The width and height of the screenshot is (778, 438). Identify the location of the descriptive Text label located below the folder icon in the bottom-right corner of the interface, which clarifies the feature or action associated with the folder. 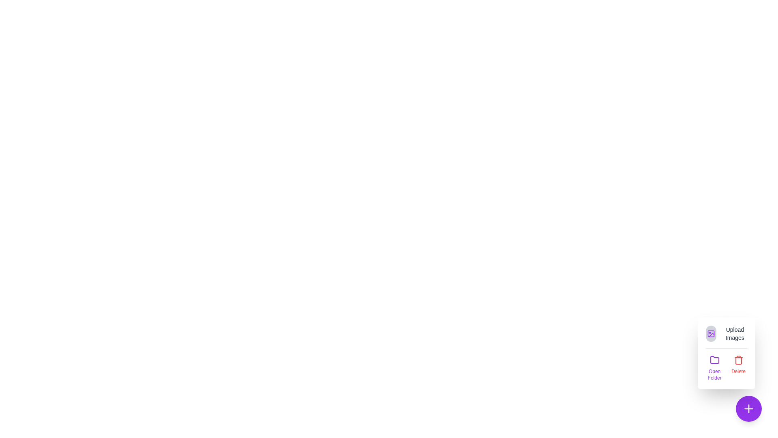
(714, 375).